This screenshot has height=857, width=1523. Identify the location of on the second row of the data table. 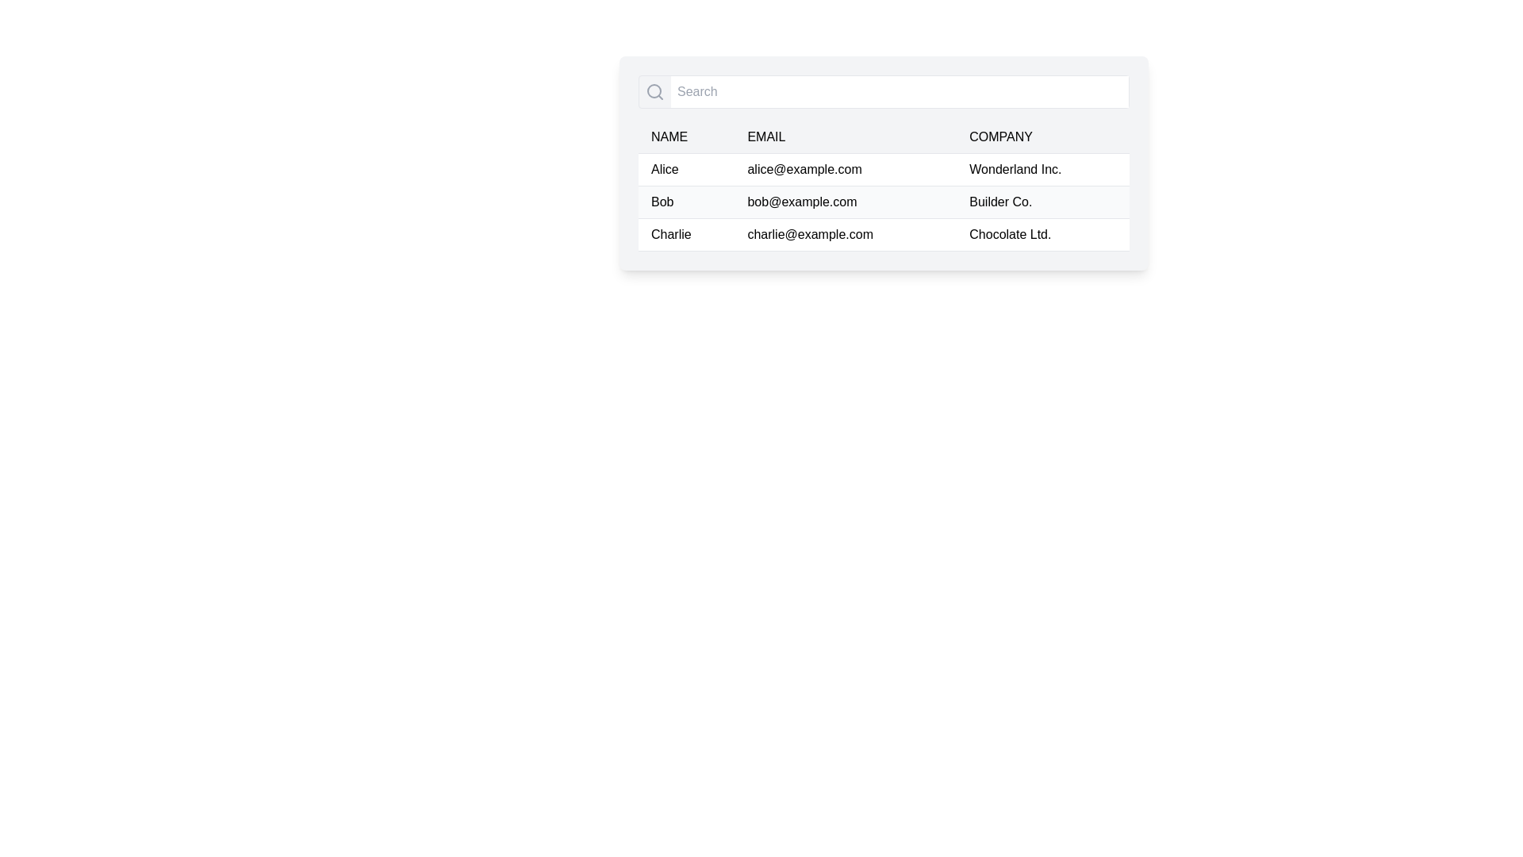
(883, 201).